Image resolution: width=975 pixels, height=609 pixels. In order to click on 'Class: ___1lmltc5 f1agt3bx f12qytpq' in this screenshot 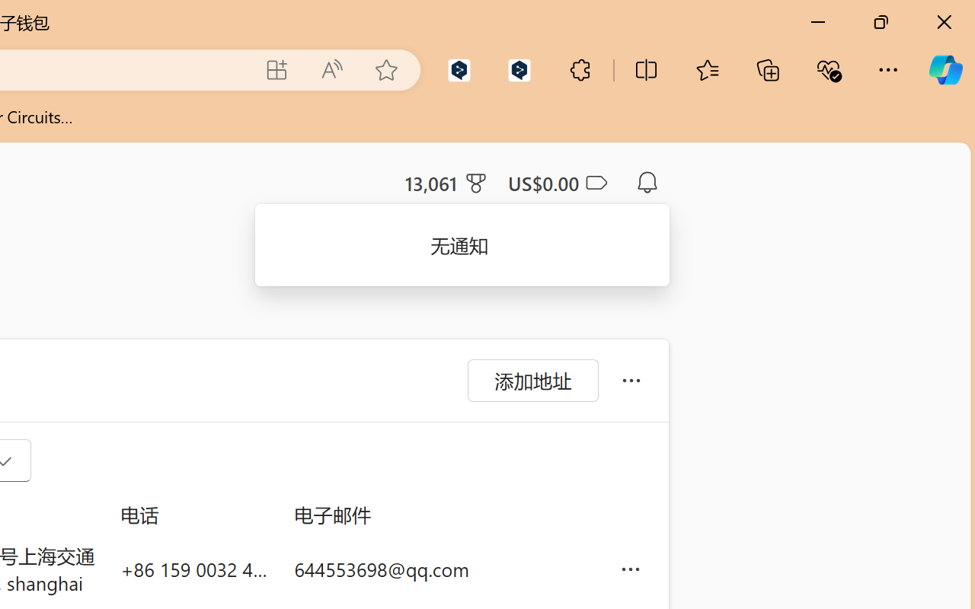, I will do `click(594, 183)`.